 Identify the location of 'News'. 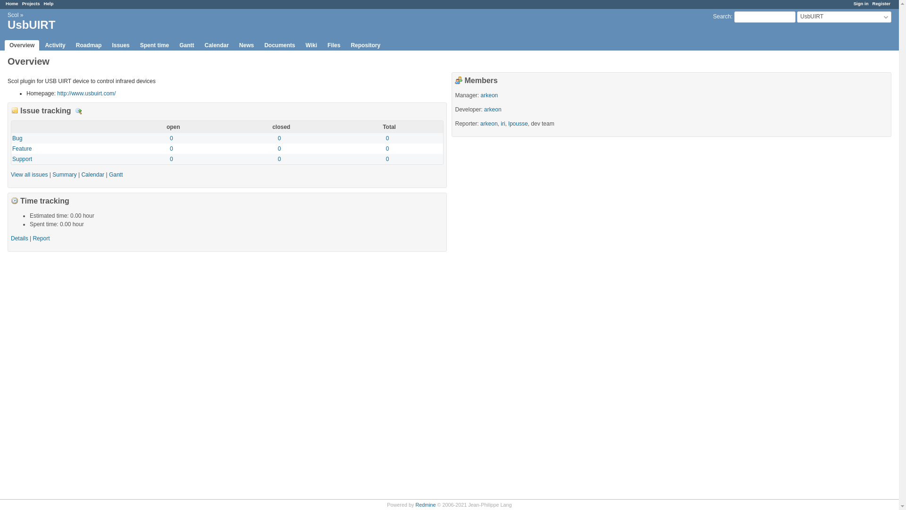
(235, 45).